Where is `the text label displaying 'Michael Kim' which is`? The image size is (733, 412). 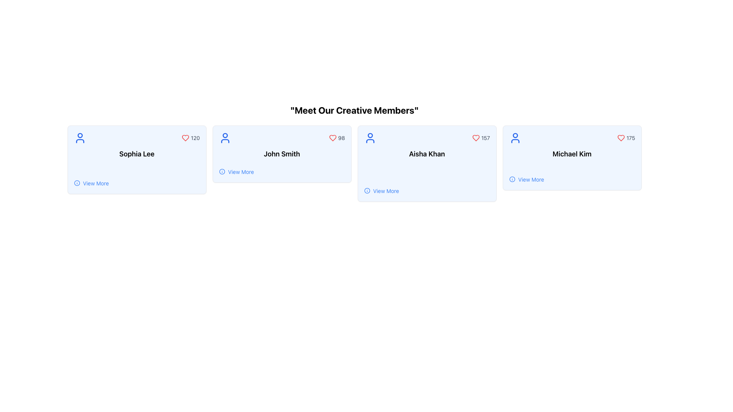 the text label displaying 'Michael Kim' which is is located at coordinates (572, 154).